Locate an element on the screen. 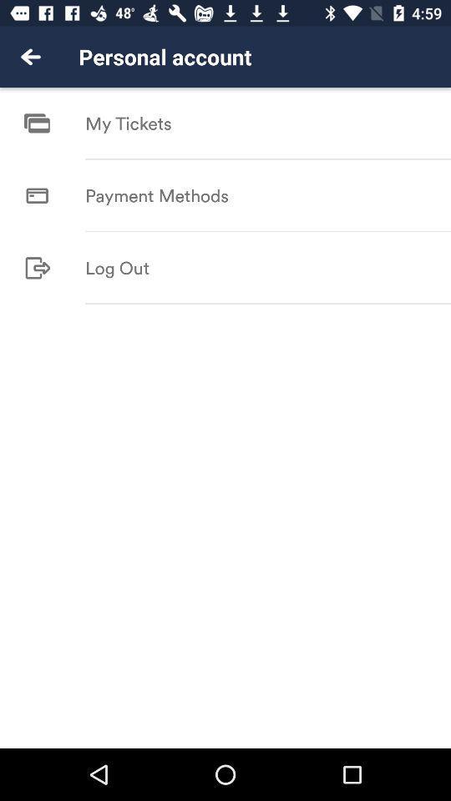 This screenshot has width=451, height=801. the item below the my tickets is located at coordinates (268, 159).